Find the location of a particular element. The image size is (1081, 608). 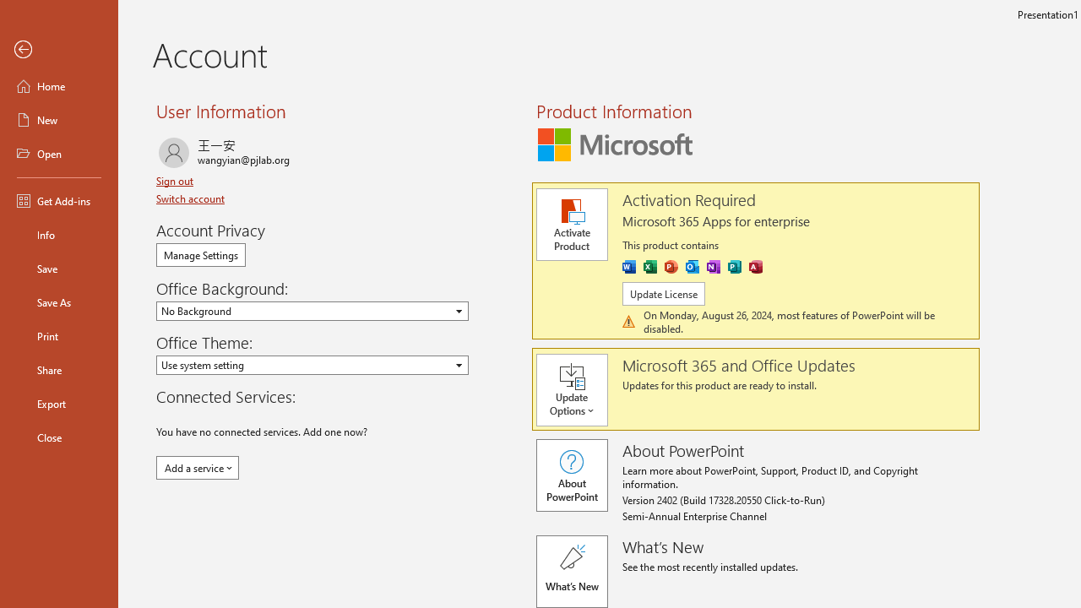

'Save As' is located at coordinates (58, 301).